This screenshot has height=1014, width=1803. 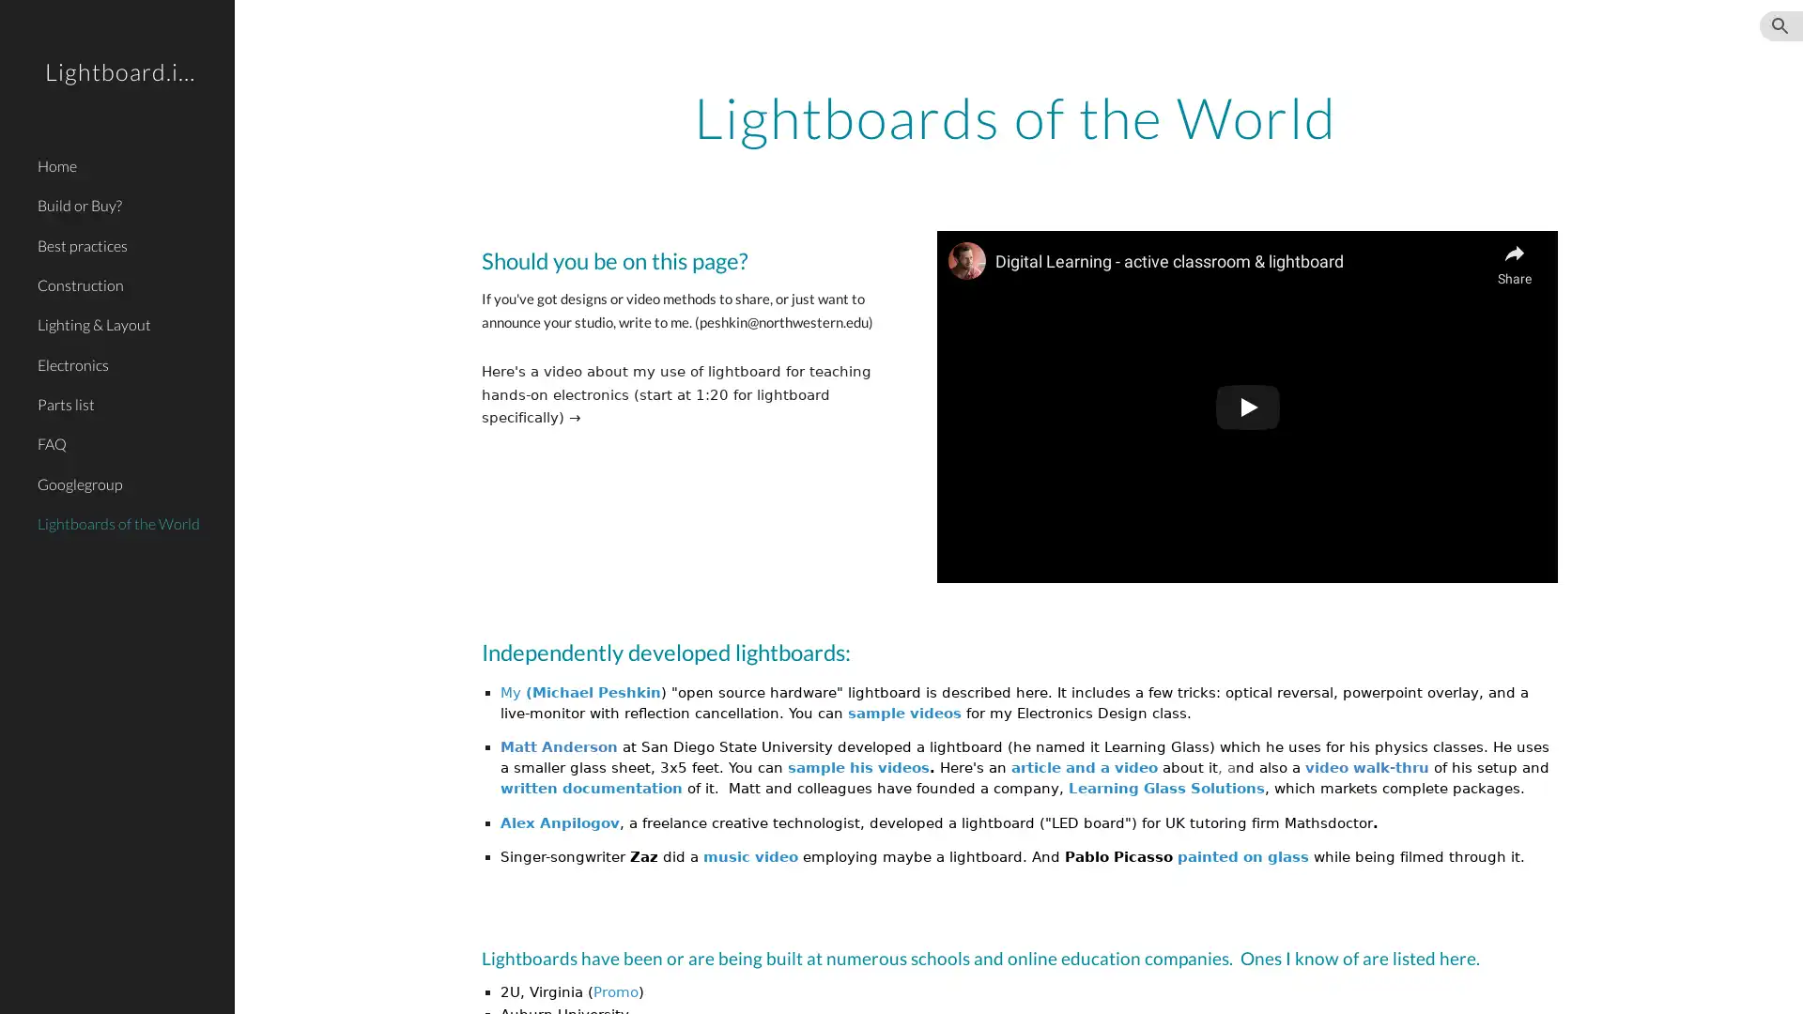 I want to click on Skip to main content, so click(x=739, y=35).